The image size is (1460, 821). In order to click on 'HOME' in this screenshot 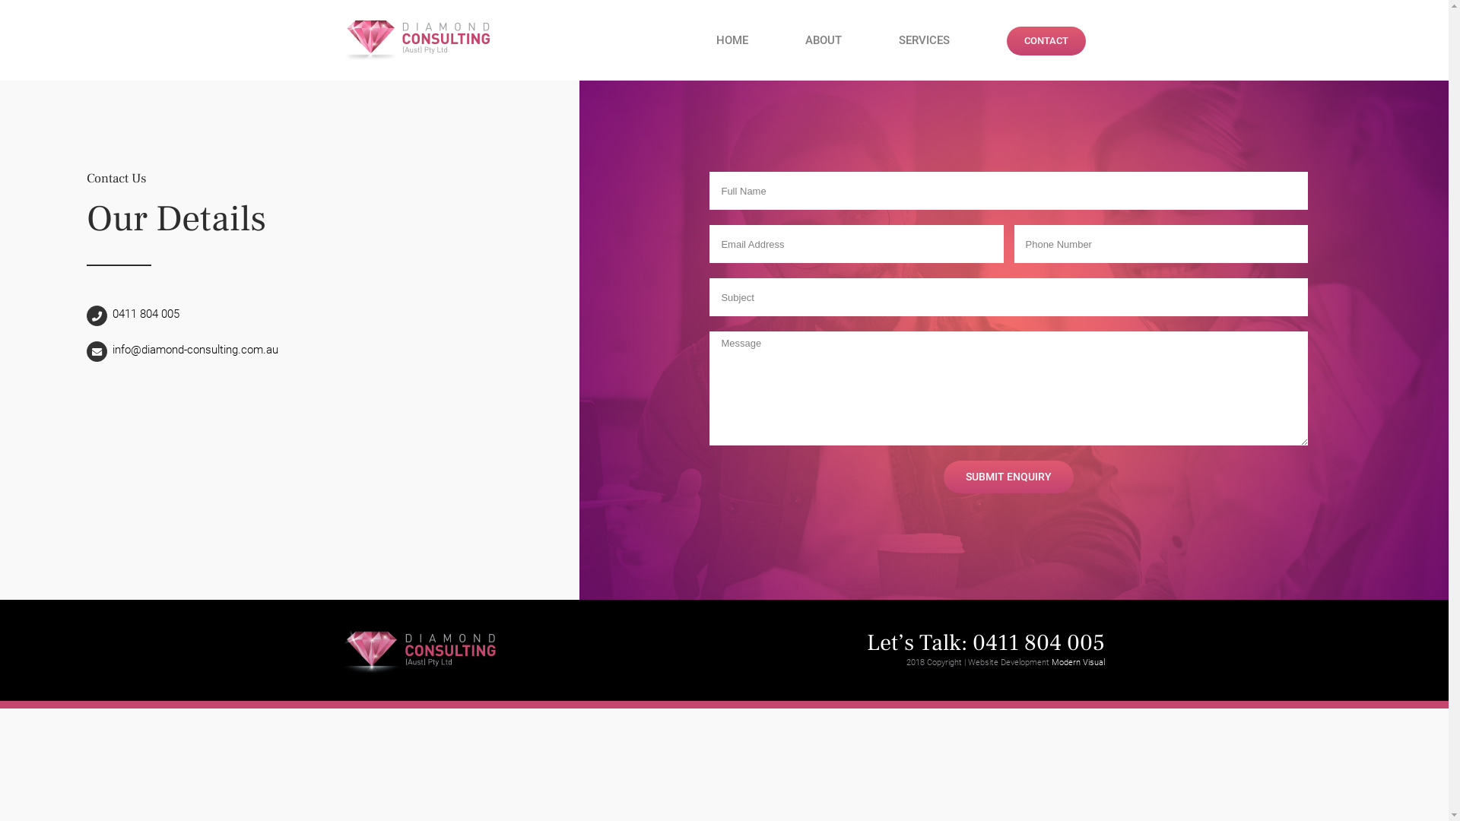, I will do `click(731, 40)`.